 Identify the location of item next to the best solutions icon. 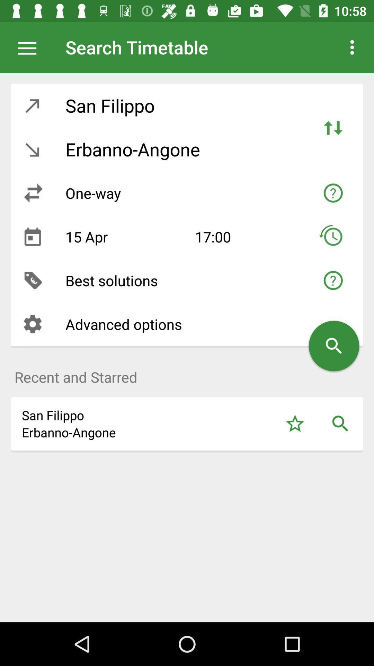
(33, 280).